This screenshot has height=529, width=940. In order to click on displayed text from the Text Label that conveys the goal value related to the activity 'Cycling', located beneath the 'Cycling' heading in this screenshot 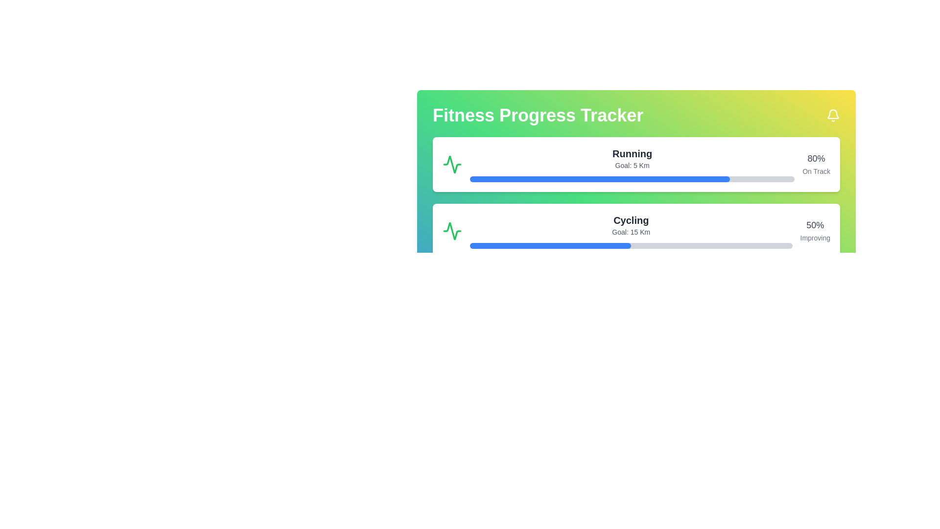, I will do `click(631, 232)`.